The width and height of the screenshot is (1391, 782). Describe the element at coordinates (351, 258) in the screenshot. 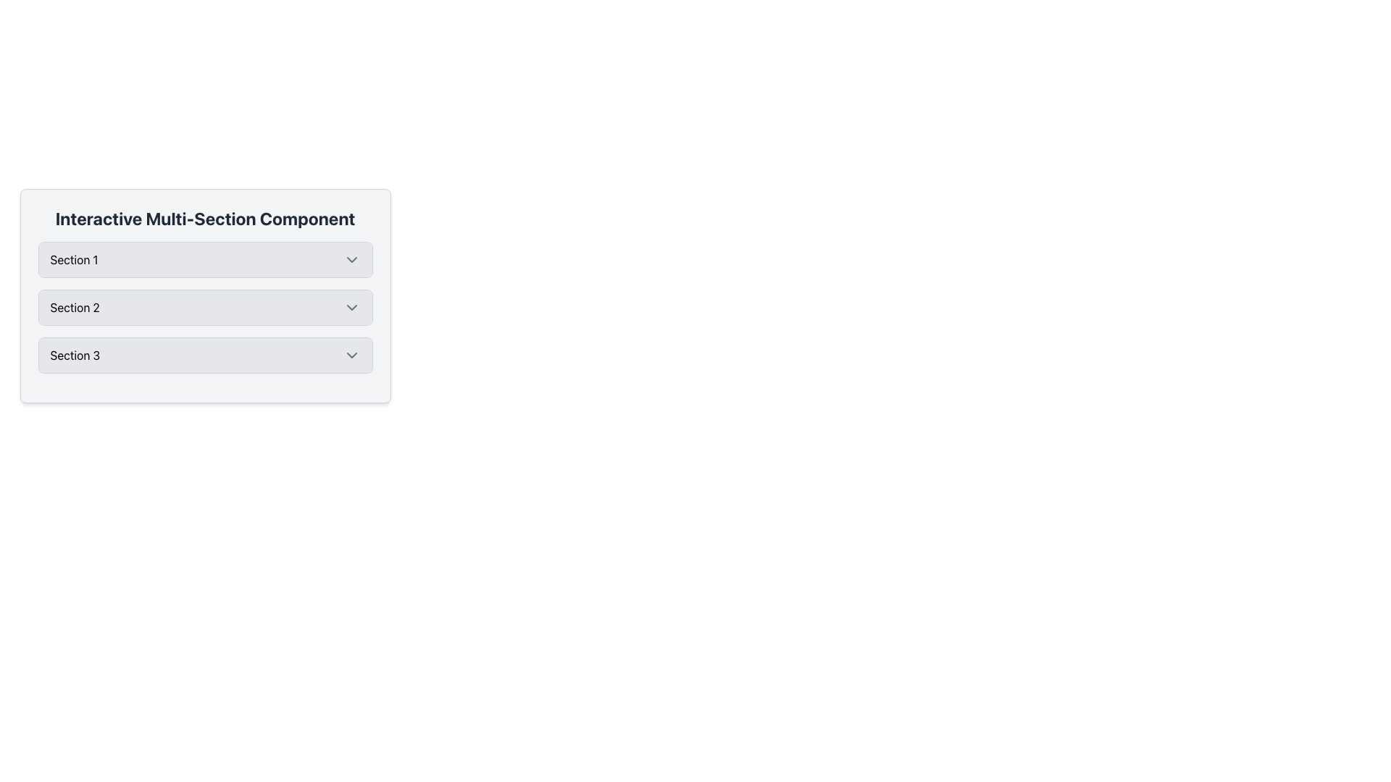

I see `the Chevron Down icon that functions as a toggle for expanding or collapsing the content related to 'Section 1'` at that location.